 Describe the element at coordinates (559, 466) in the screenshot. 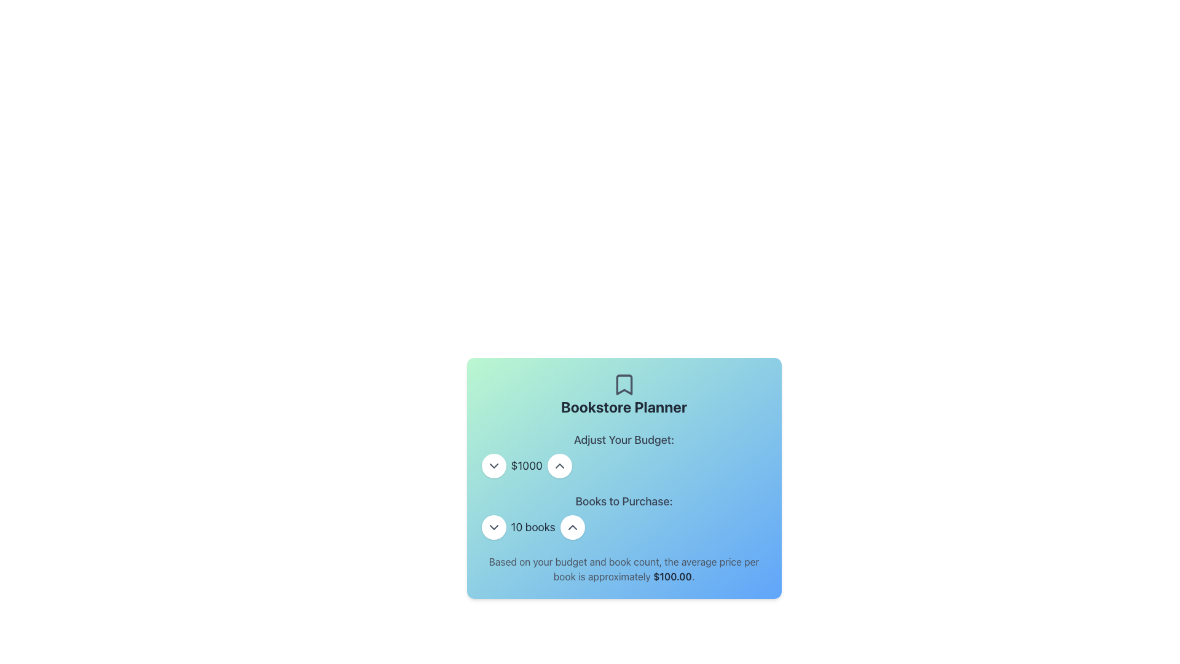

I see `the button located to the right of the '$1000' text to increase the budget` at that location.